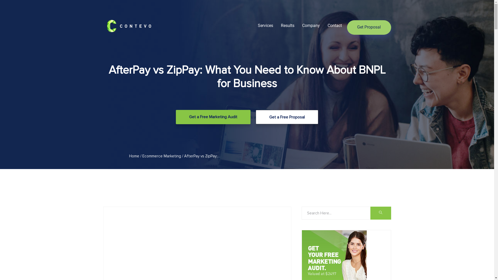  What do you see at coordinates (134, 156) in the screenshot?
I see `'Home'` at bounding box center [134, 156].